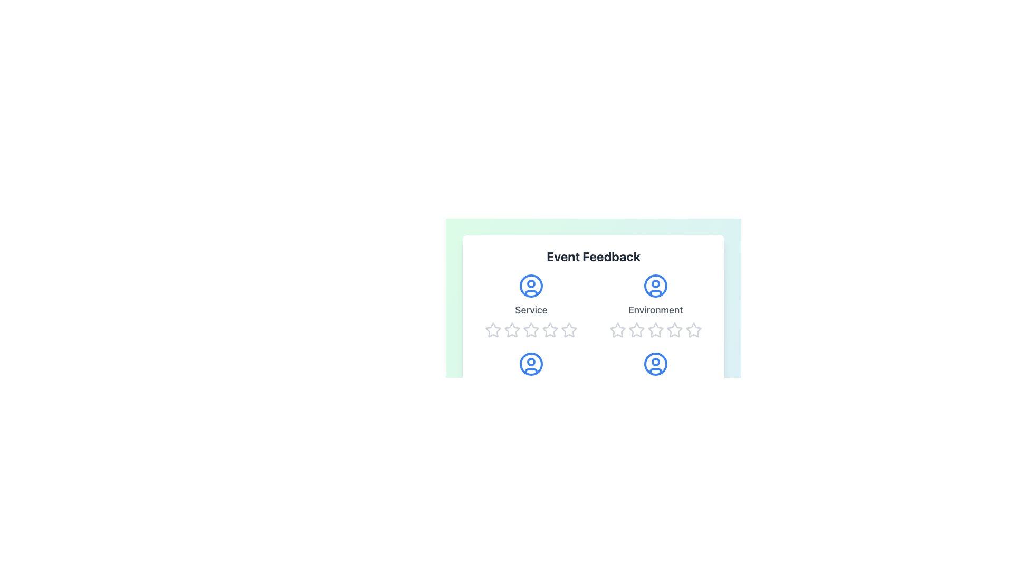  What do you see at coordinates (655, 329) in the screenshot?
I see `the third star in the second row of stars under the 'Environment' heading in the 'Event Feedback' section` at bounding box center [655, 329].